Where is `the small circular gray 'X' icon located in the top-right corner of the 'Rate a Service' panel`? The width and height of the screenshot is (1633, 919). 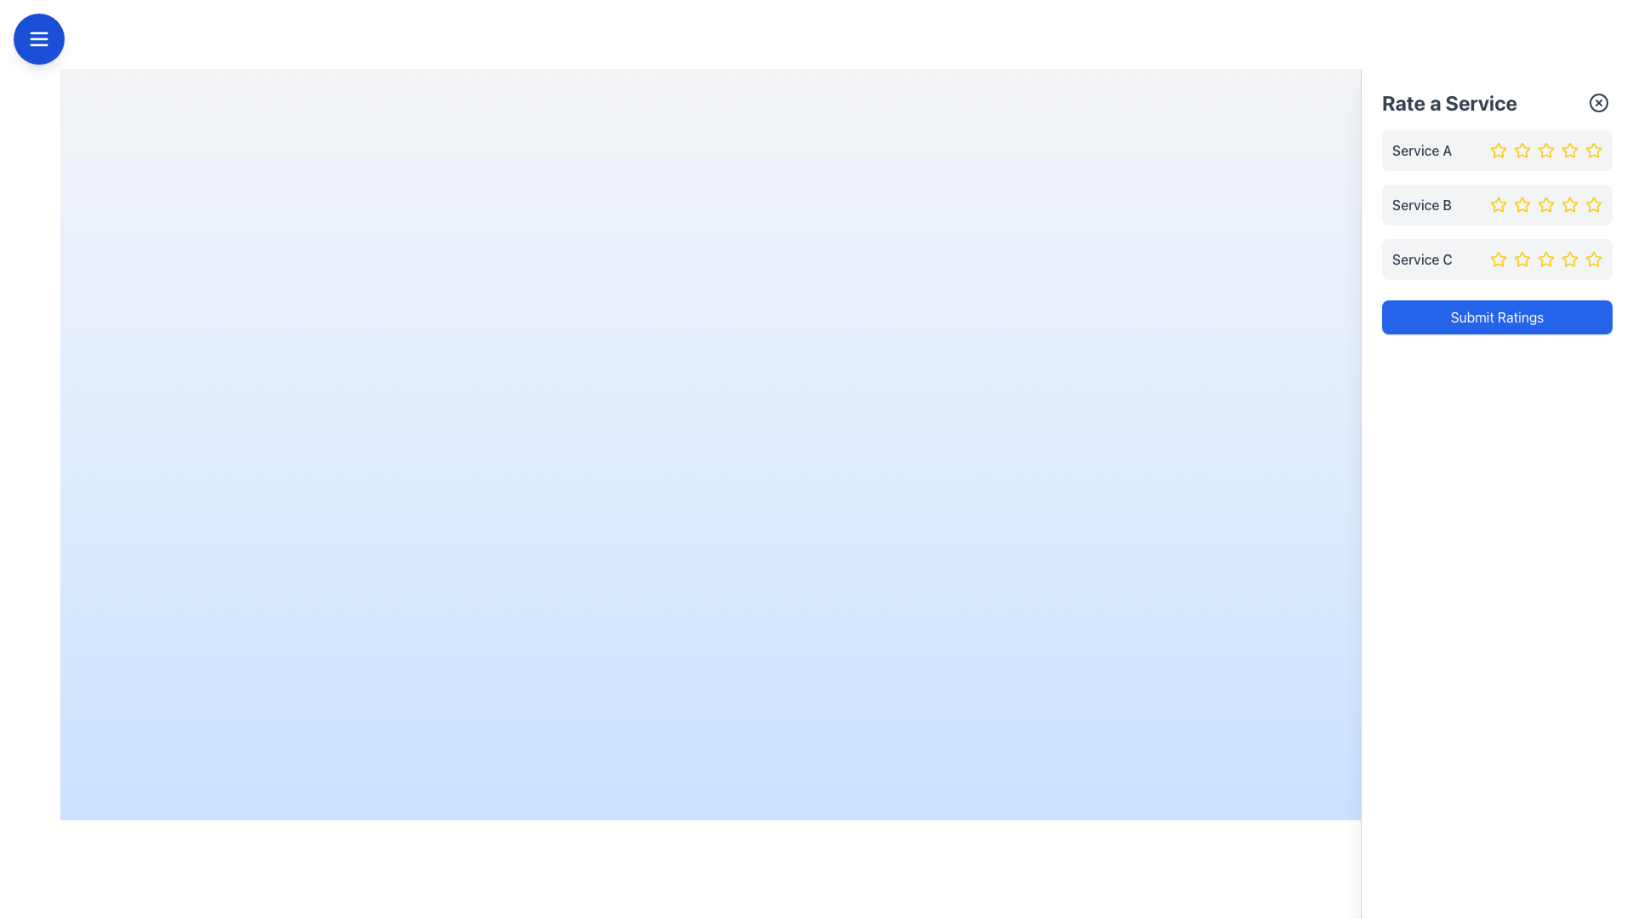
the small circular gray 'X' icon located in the top-right corner of the 'Rate a Service' panel is located at coordinates (1598, 102).